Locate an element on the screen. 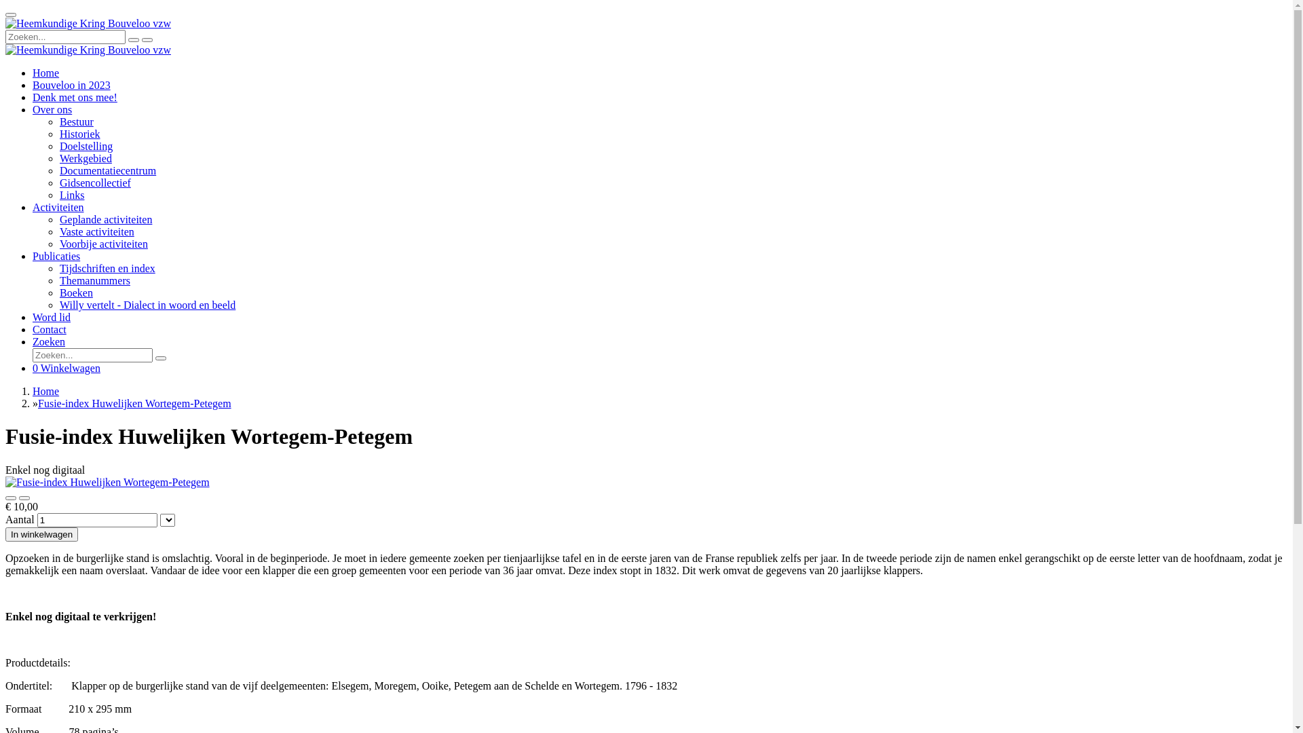 This screenshot has height=733, width=1303. 'In winkelwagen' is located at coordinates (41, 533).